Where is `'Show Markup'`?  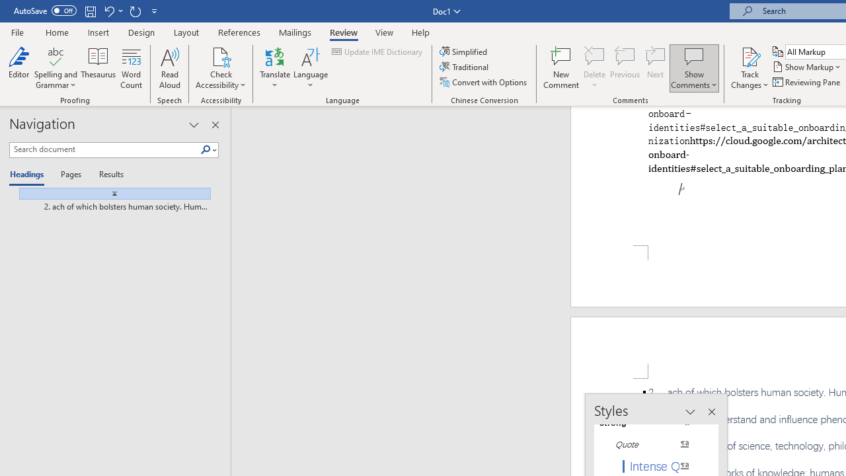 'Show Markup' is located at coordinates (807, 67).